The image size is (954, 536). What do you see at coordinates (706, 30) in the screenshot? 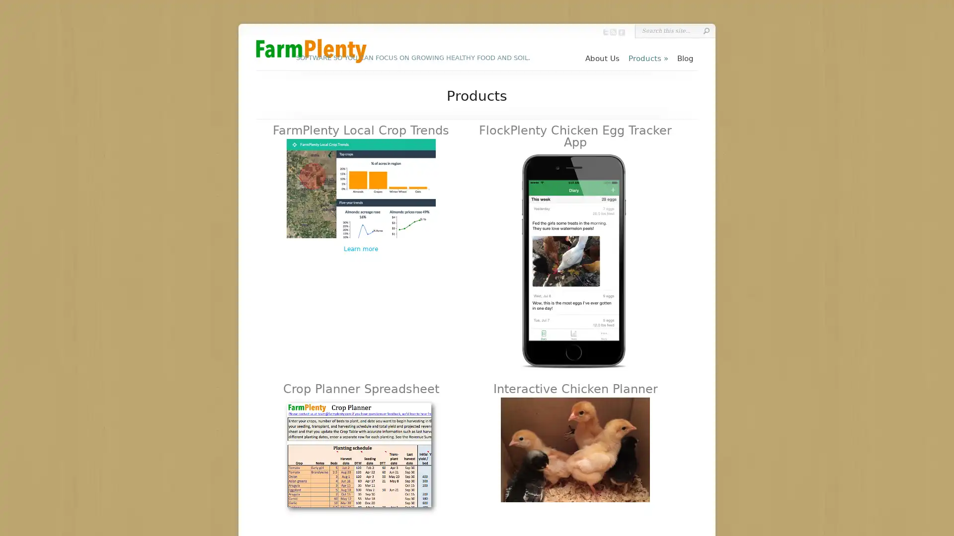
I see `Submit` at bounding box center [706, 30].